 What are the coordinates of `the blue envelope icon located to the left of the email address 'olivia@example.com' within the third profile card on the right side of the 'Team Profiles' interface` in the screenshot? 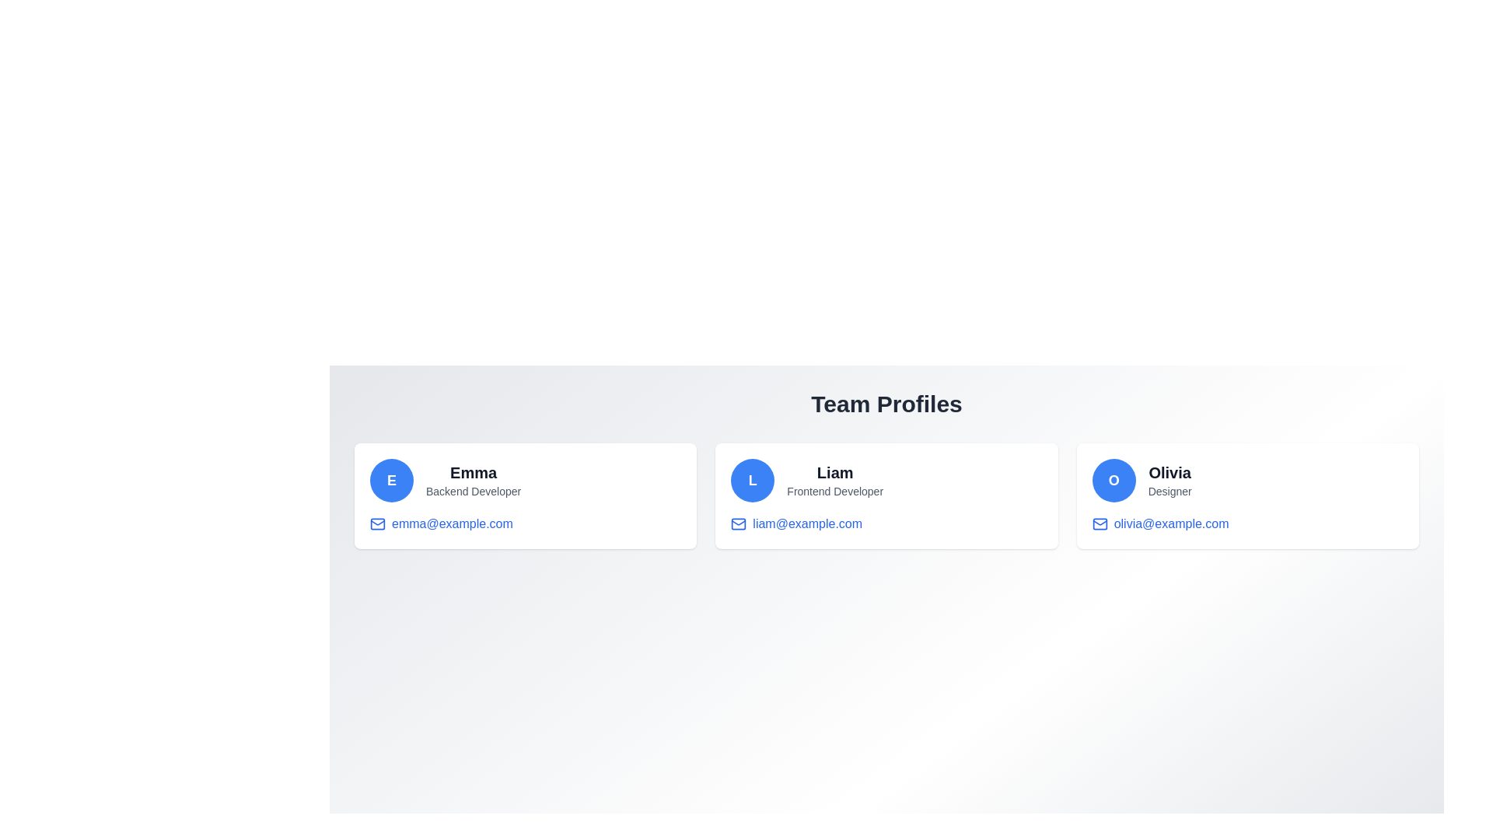 It's located at (1099, 524).